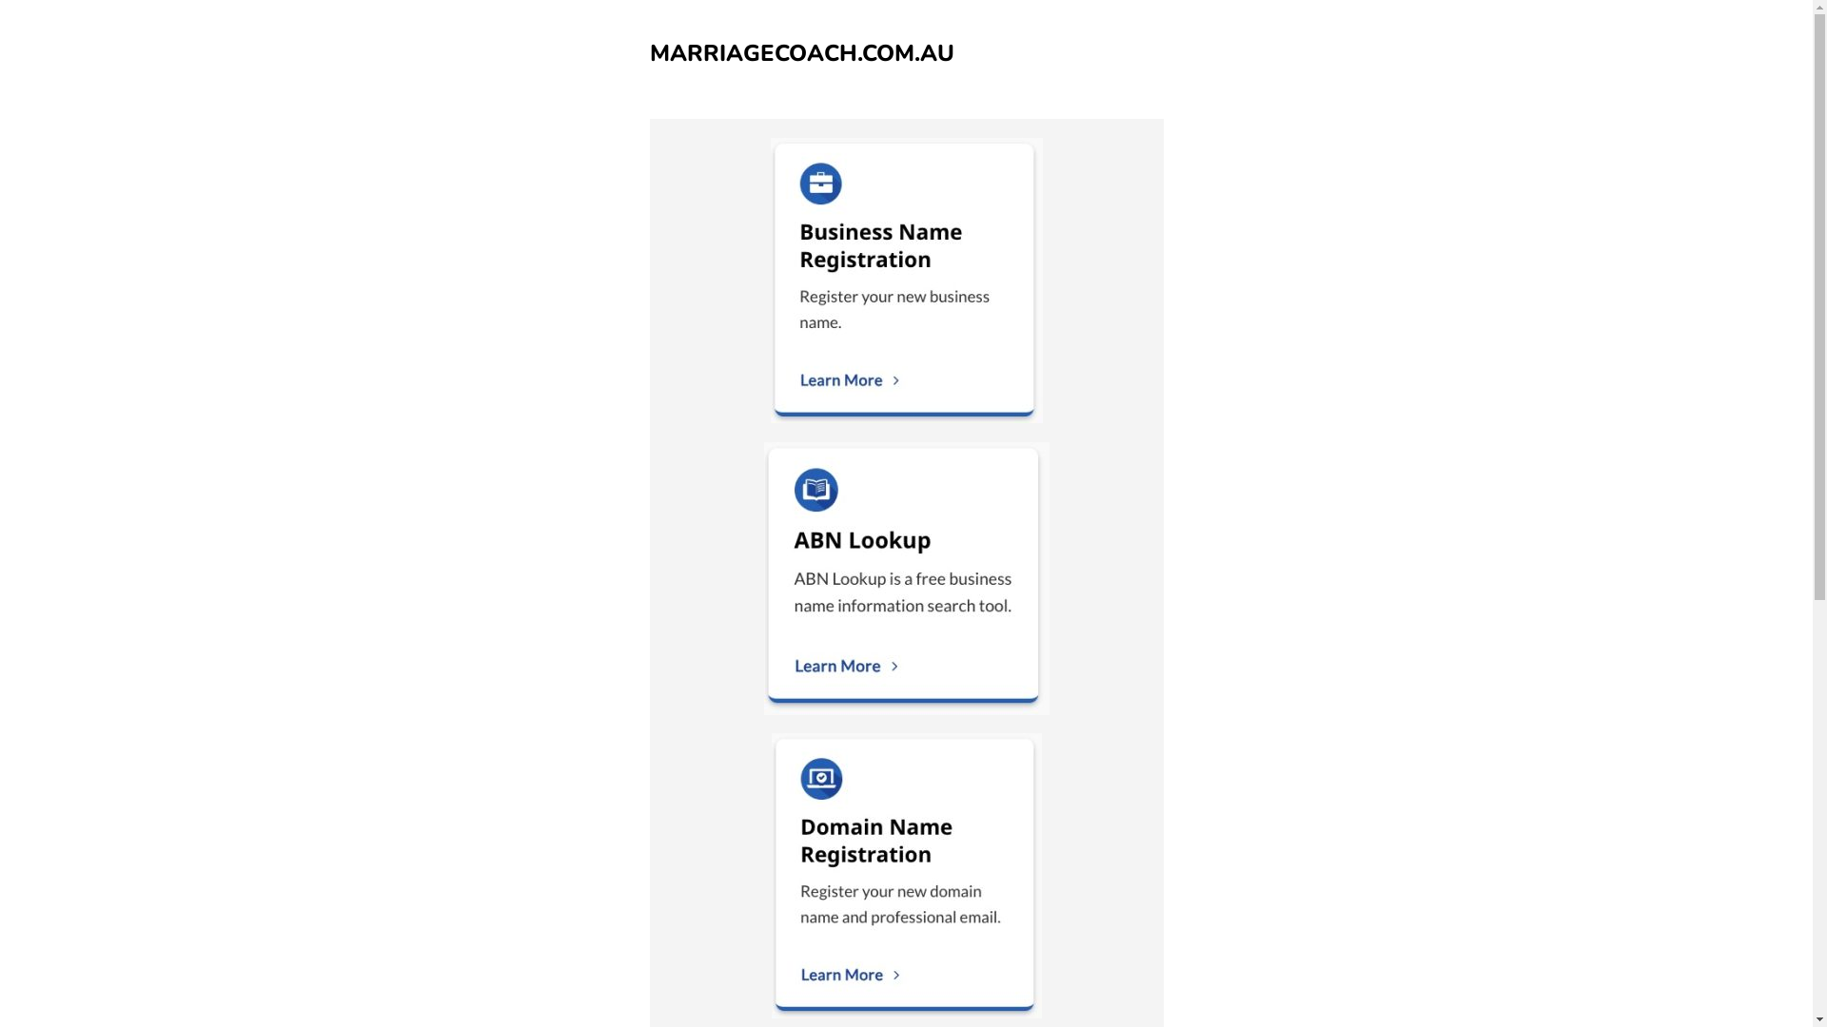 This screenshot has height=1027, width=1827. What do you see at coordinates (648, 52) in the screenshot?
I see `'MARRIAGECOACH.COM.AU'` at bounding box center [648, 52].